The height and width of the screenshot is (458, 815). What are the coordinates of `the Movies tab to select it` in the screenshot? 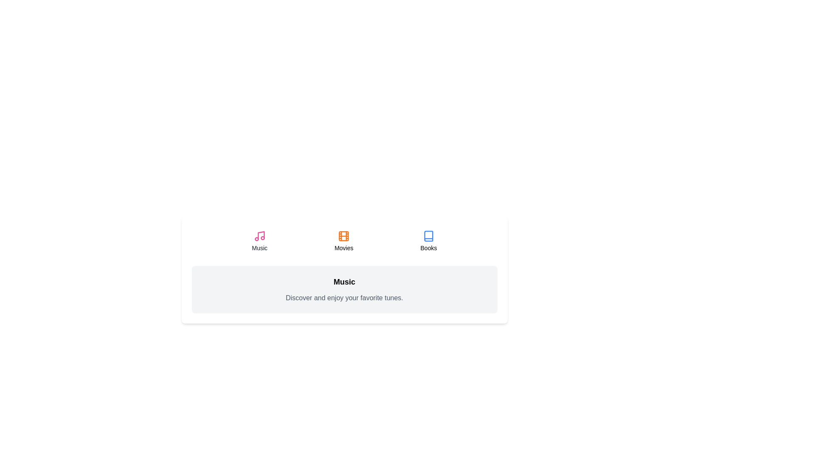 It's located at (344, 241).